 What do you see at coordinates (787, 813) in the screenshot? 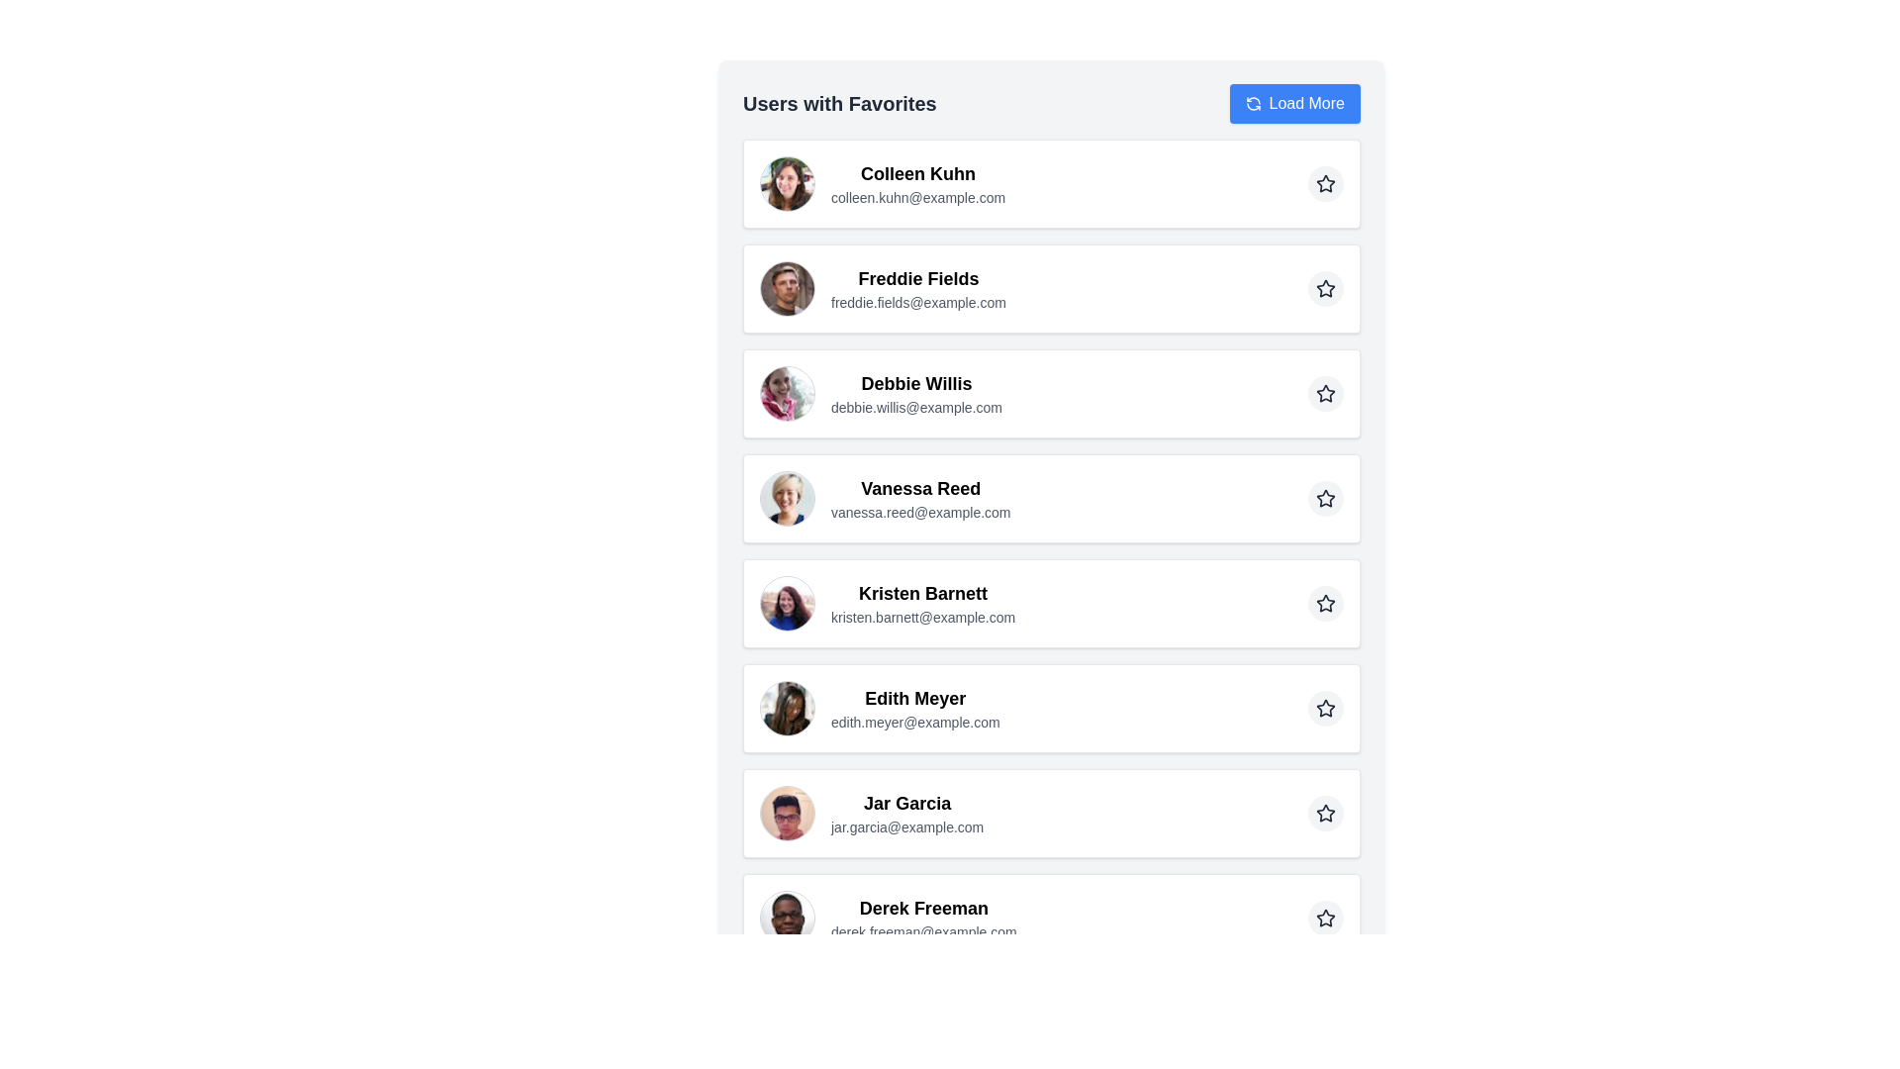
I see `the image representing the user 'Jar Garcia'` at bounding box center [787, 813].